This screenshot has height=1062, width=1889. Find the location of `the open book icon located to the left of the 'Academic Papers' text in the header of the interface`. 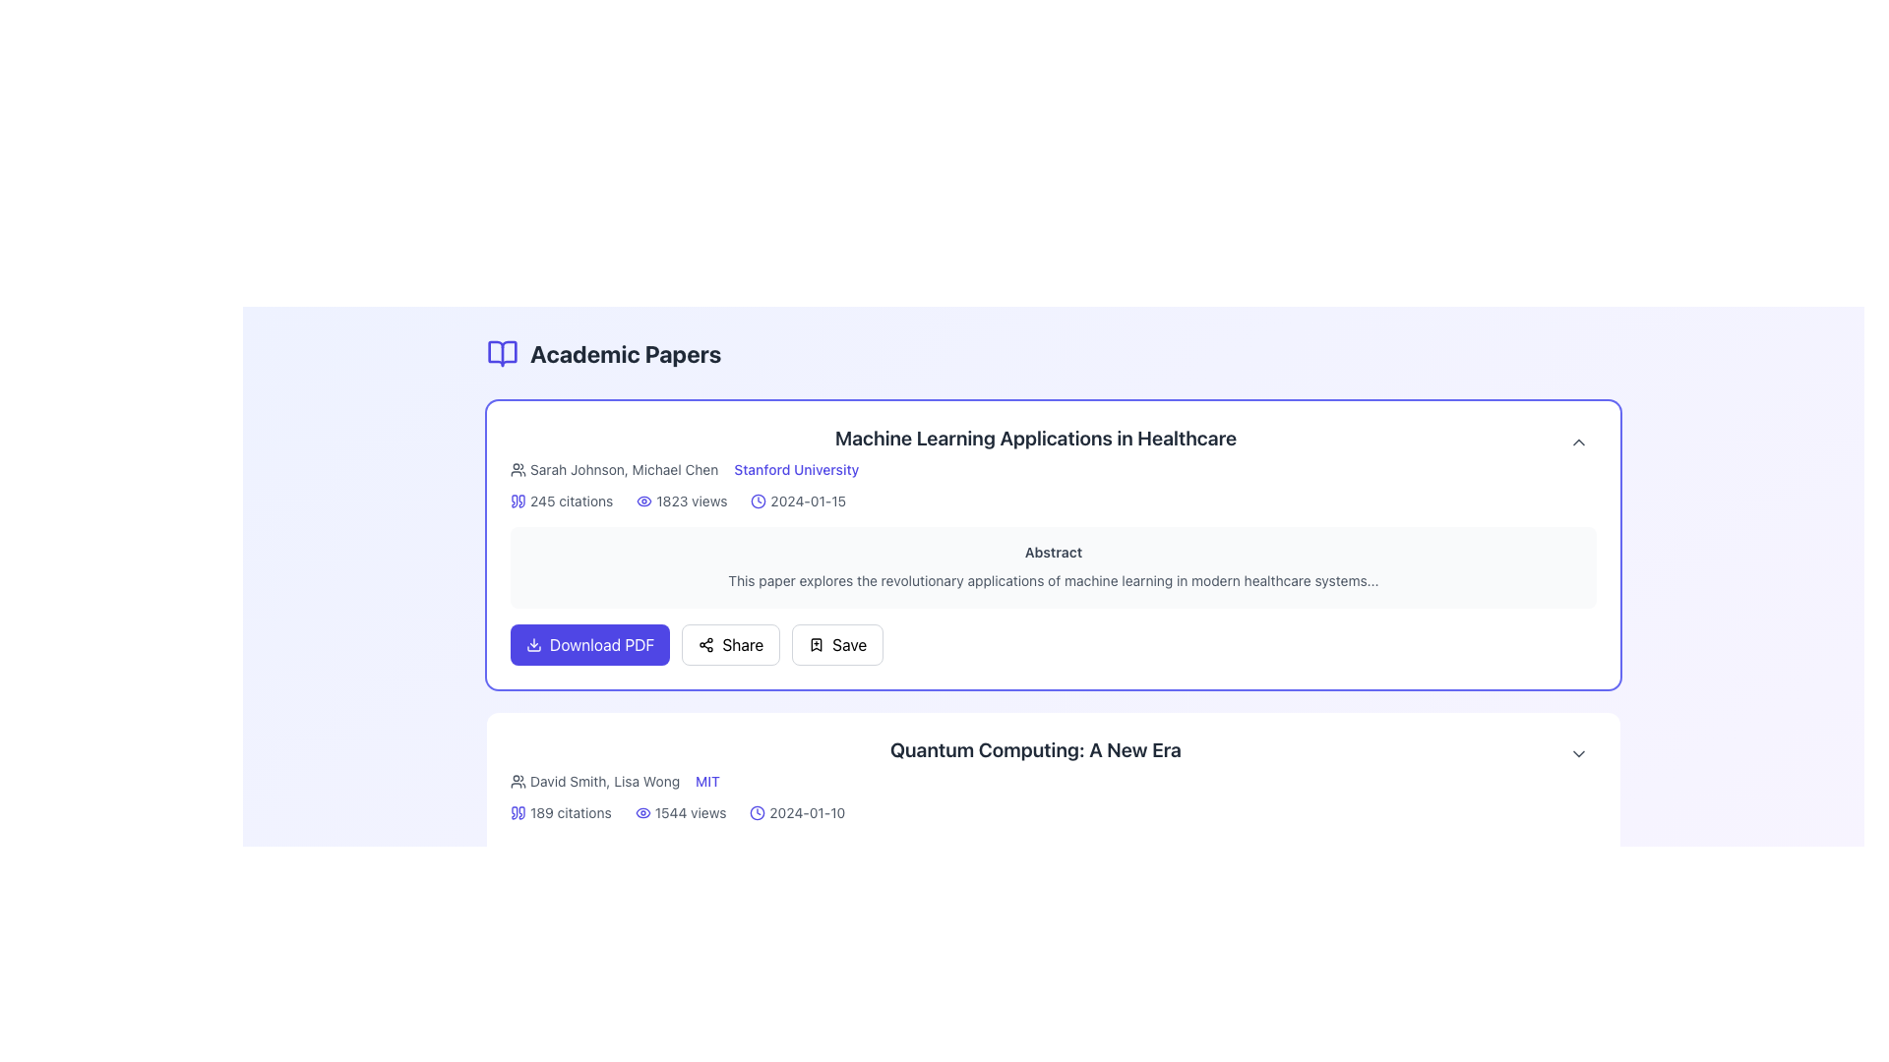

the open book icon located to the left of the 'Academic Papers' text in the header of the interface is located at coordinates (502, 352).